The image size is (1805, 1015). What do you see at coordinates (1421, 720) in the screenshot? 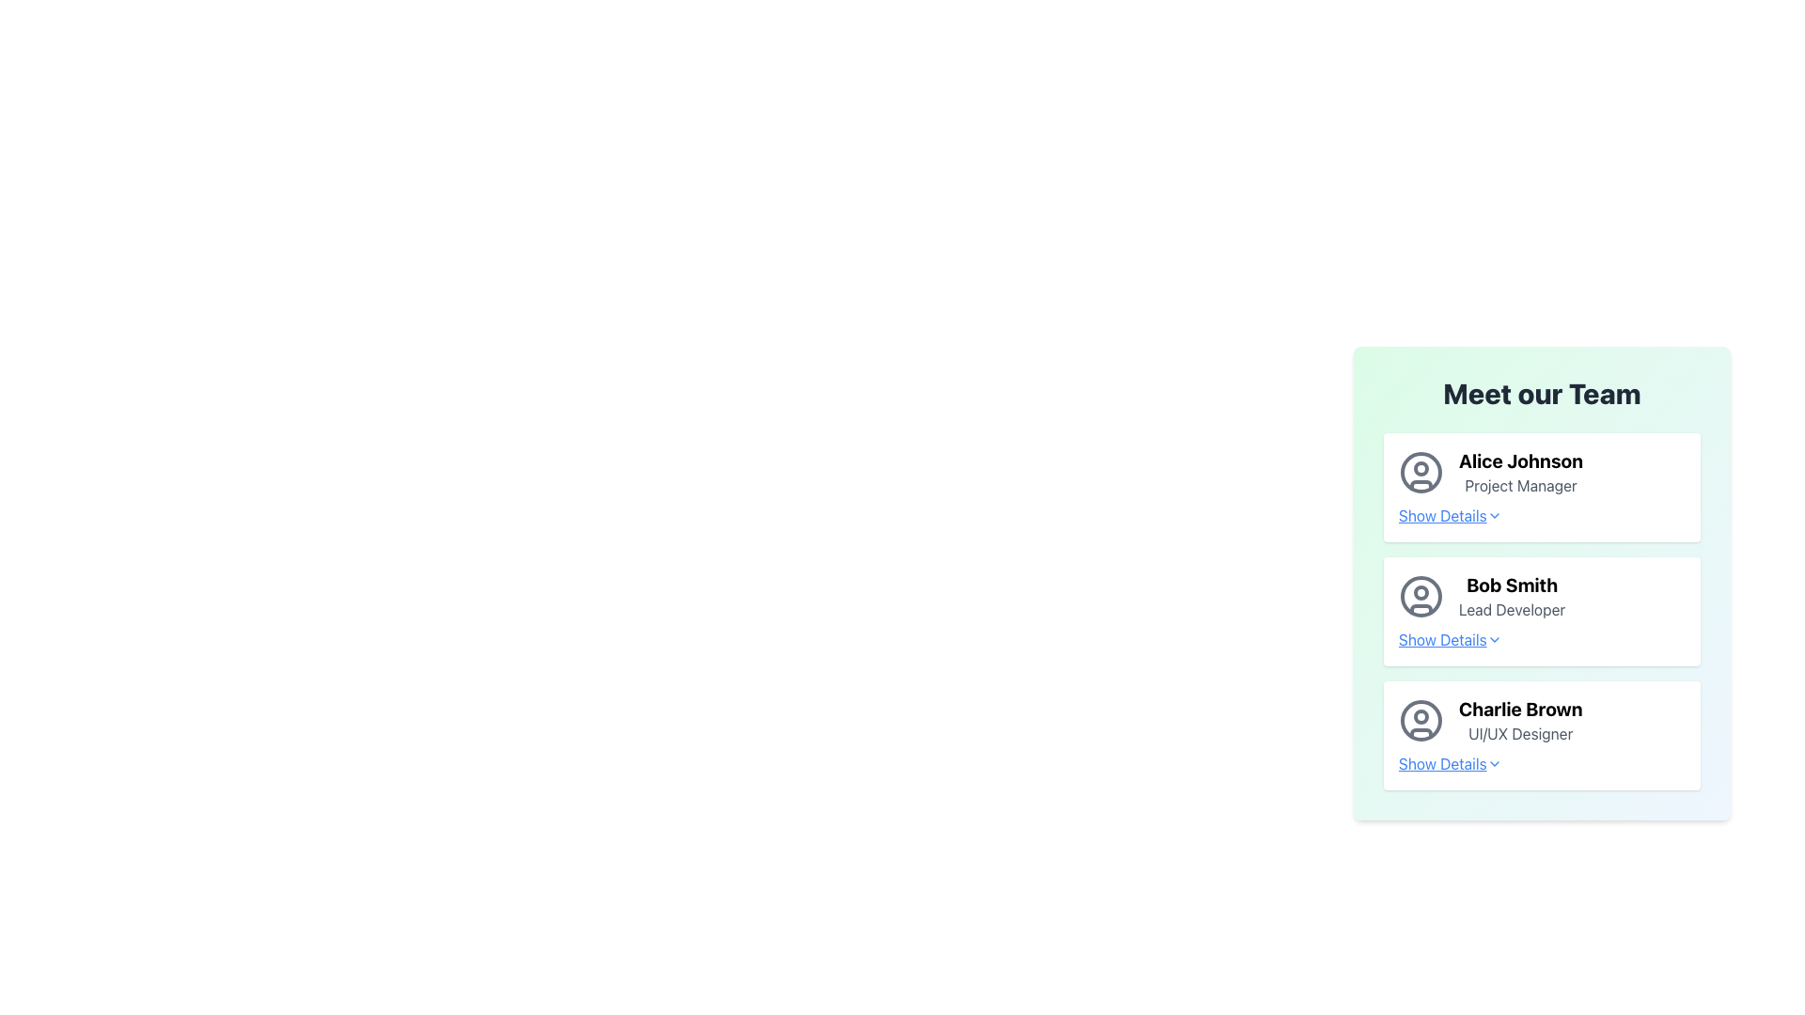
I see `the circular user silhouette icon in the profile card for 'Charlie Brown', located in the 'Meet our Team' section` at bounding box center [1421, 720].